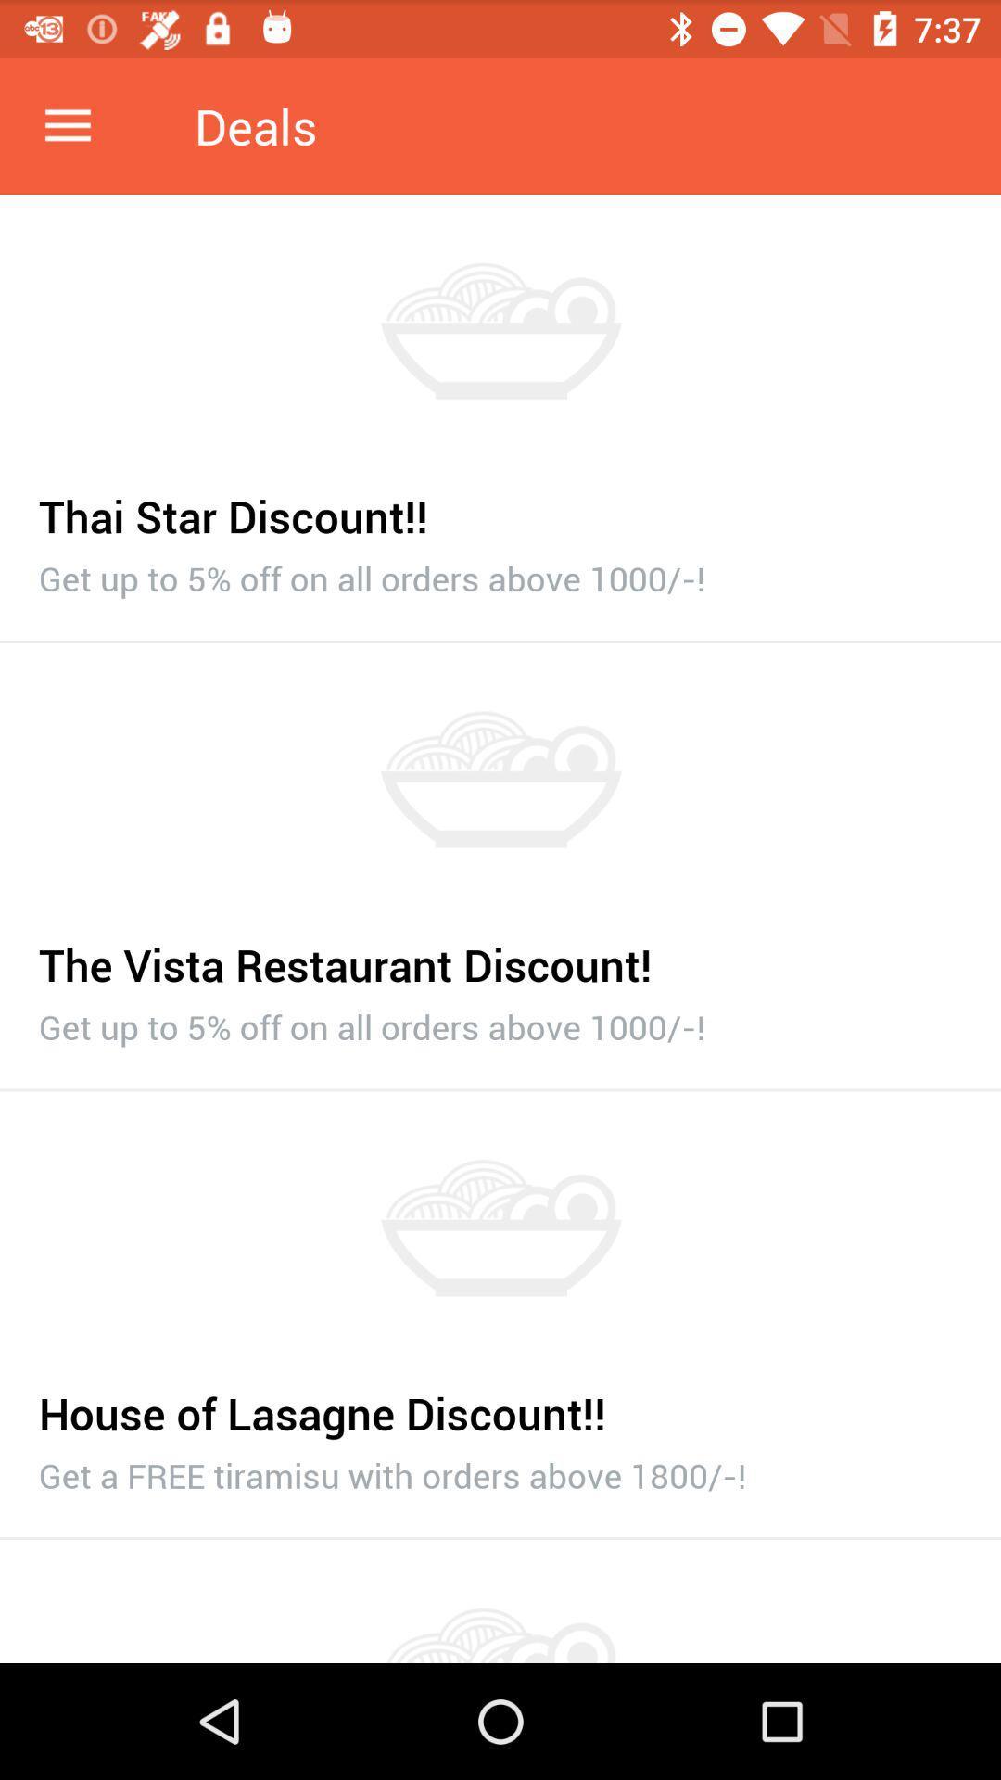 This screenshot has height=1780, width=1001. I want to click on item above get a free, so click(500, 1403).